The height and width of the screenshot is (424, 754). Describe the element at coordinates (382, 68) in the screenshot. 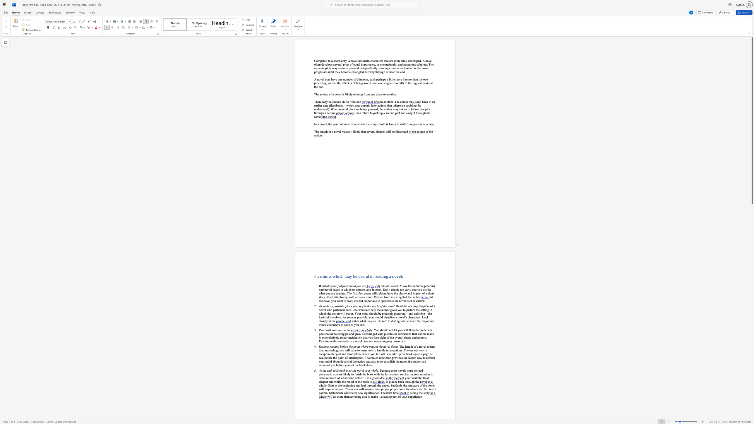

I see `the 1th character "o" in the text` at that location.